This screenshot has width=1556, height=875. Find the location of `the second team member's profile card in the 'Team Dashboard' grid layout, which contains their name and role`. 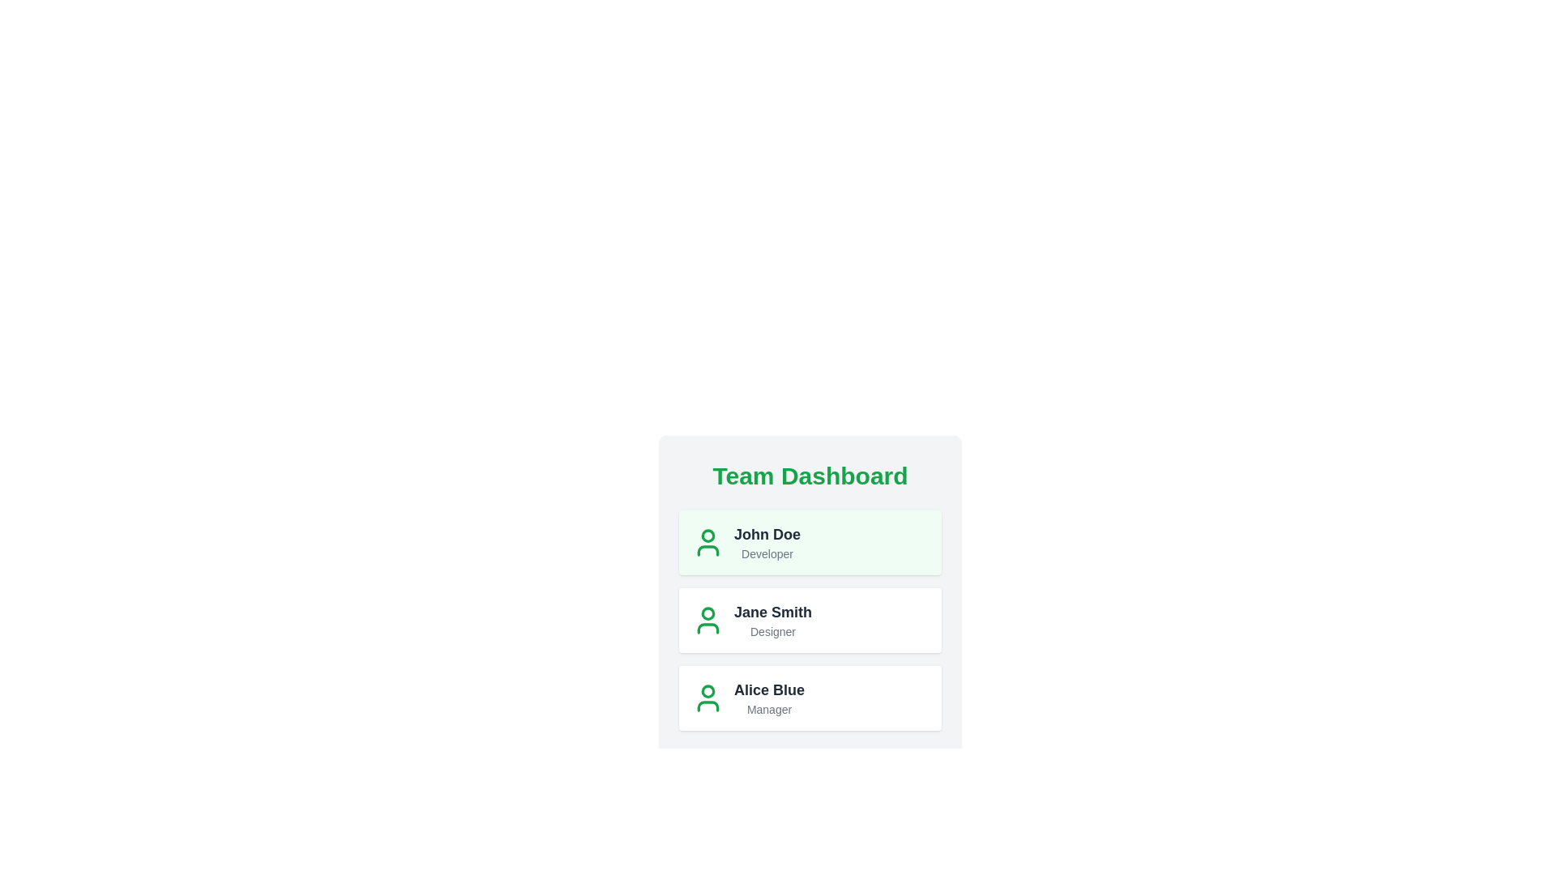

the second team member's profile card in the 'Team Dashboard' grid layout, which contains their name and role is located at coordinates (810, 620).